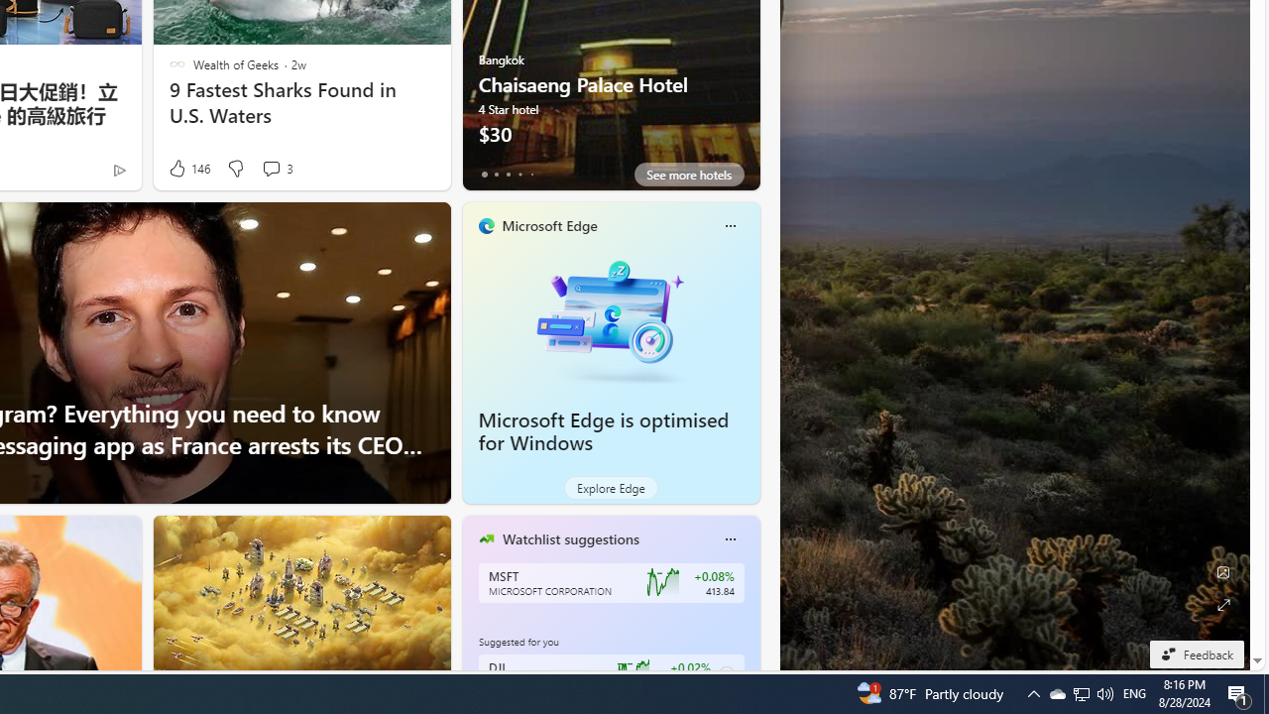 The width and height of the screenshot is (1269, 714). I want to click on 'tab-4', so click(531, 174).